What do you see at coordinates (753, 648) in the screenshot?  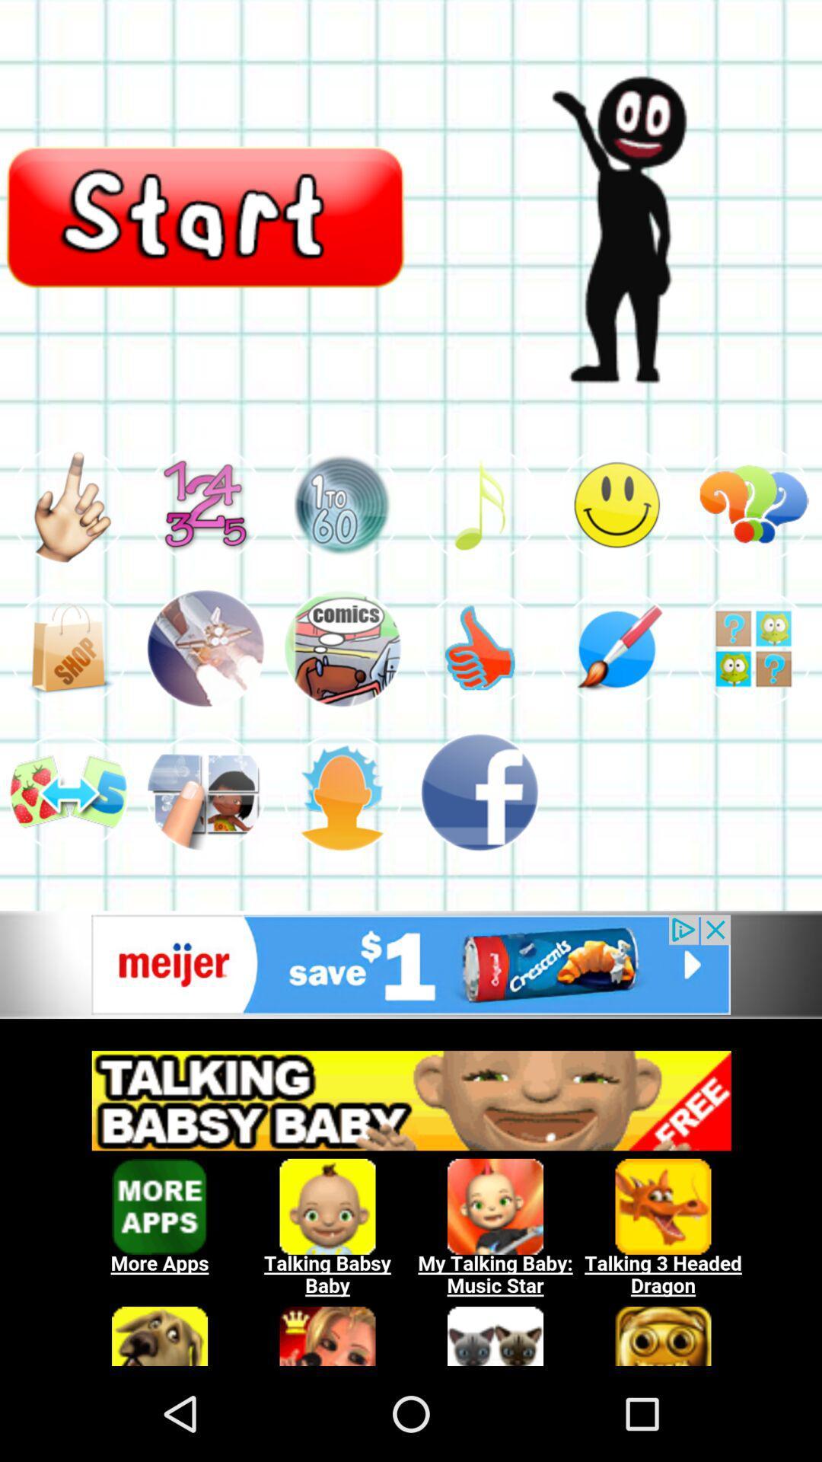 I see `click for help` at bounding box center [753, 648].